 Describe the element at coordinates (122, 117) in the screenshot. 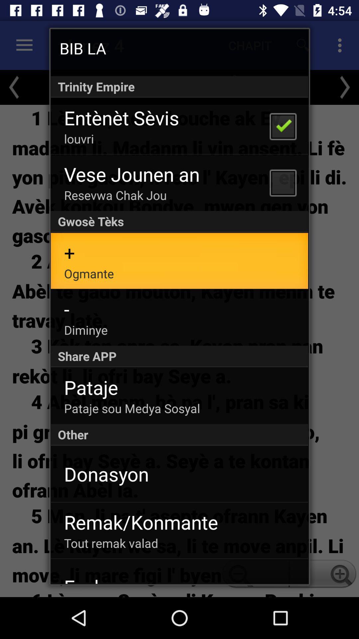

I see `the app above the louvri app` at that location.